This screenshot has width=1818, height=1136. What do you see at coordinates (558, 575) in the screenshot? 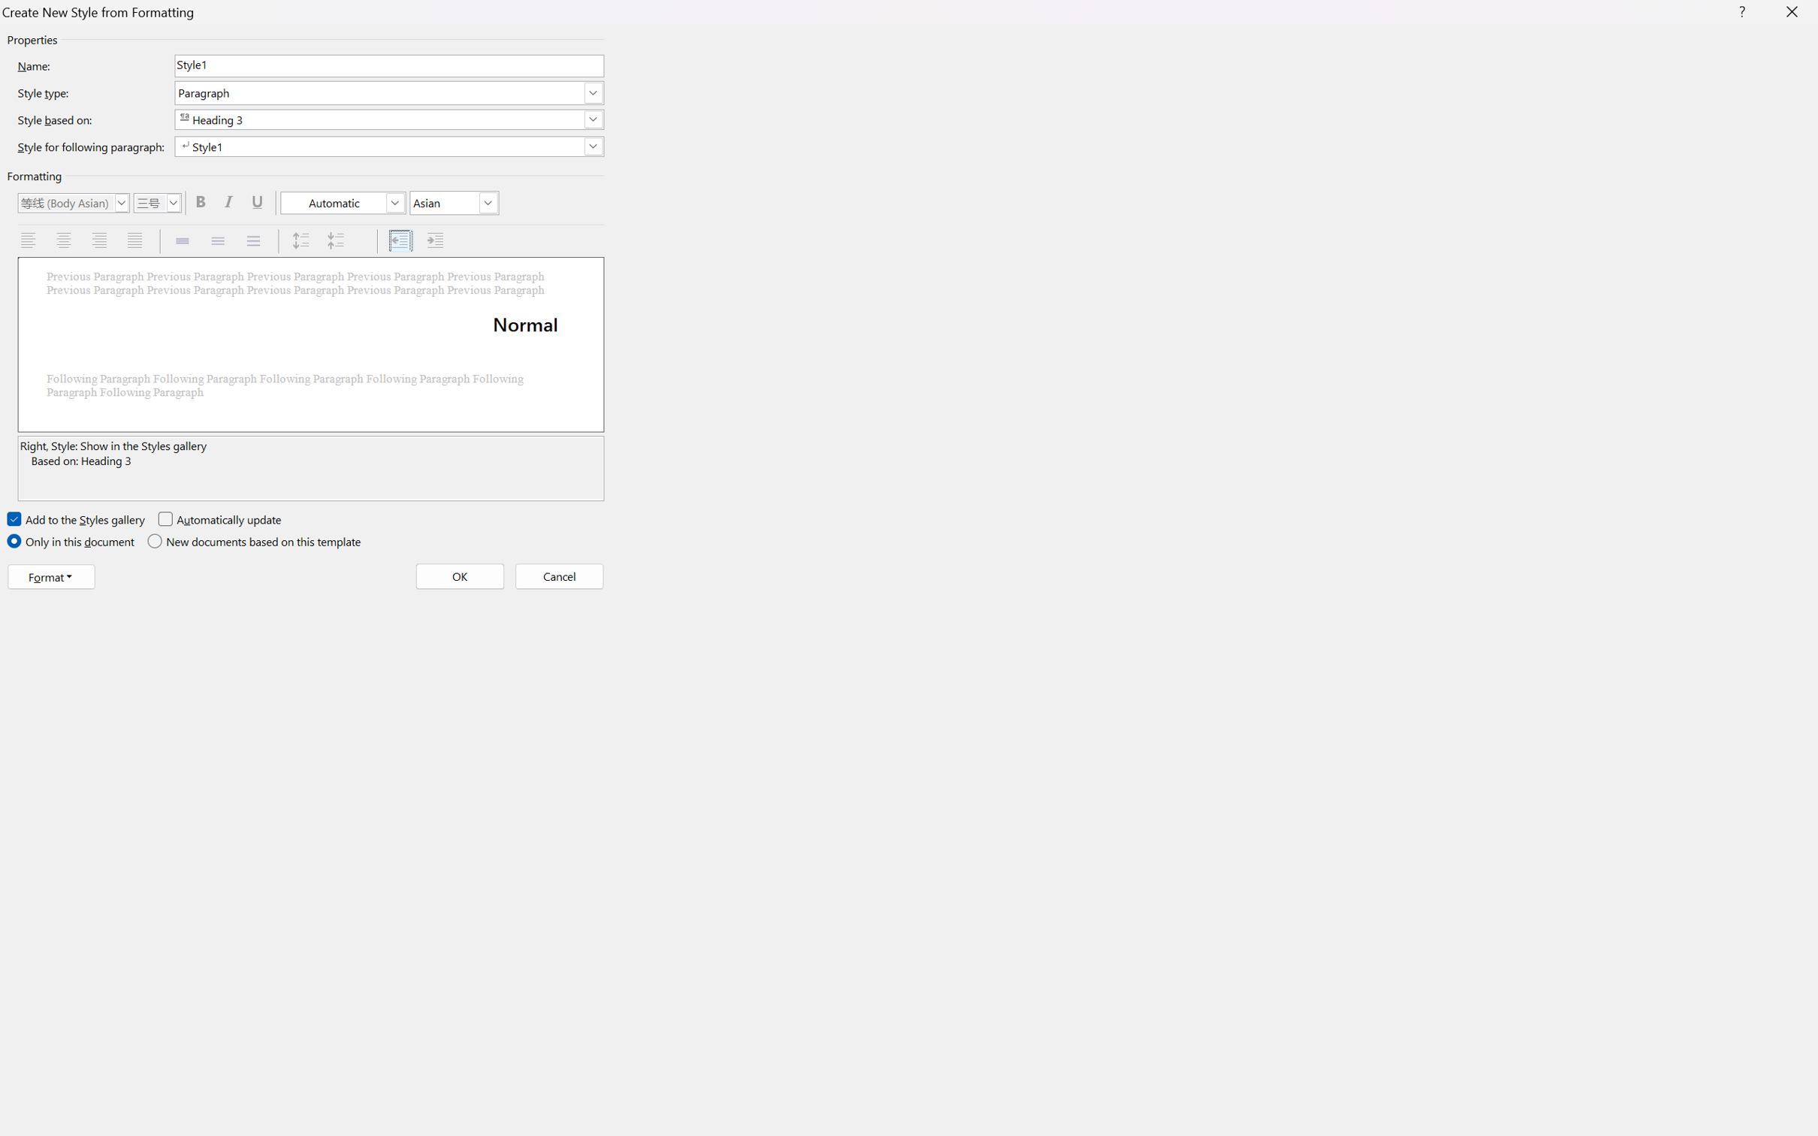
I see `'Cancel'` at bounding box center [558, 575].